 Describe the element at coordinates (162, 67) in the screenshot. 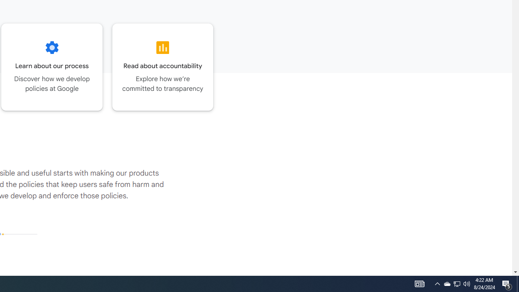

I see `'Go to the Accountability page'` at that location.